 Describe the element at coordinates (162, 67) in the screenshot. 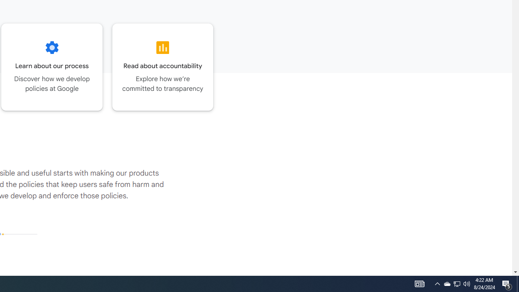

I see `'Go to the Accountability page'` at that location.